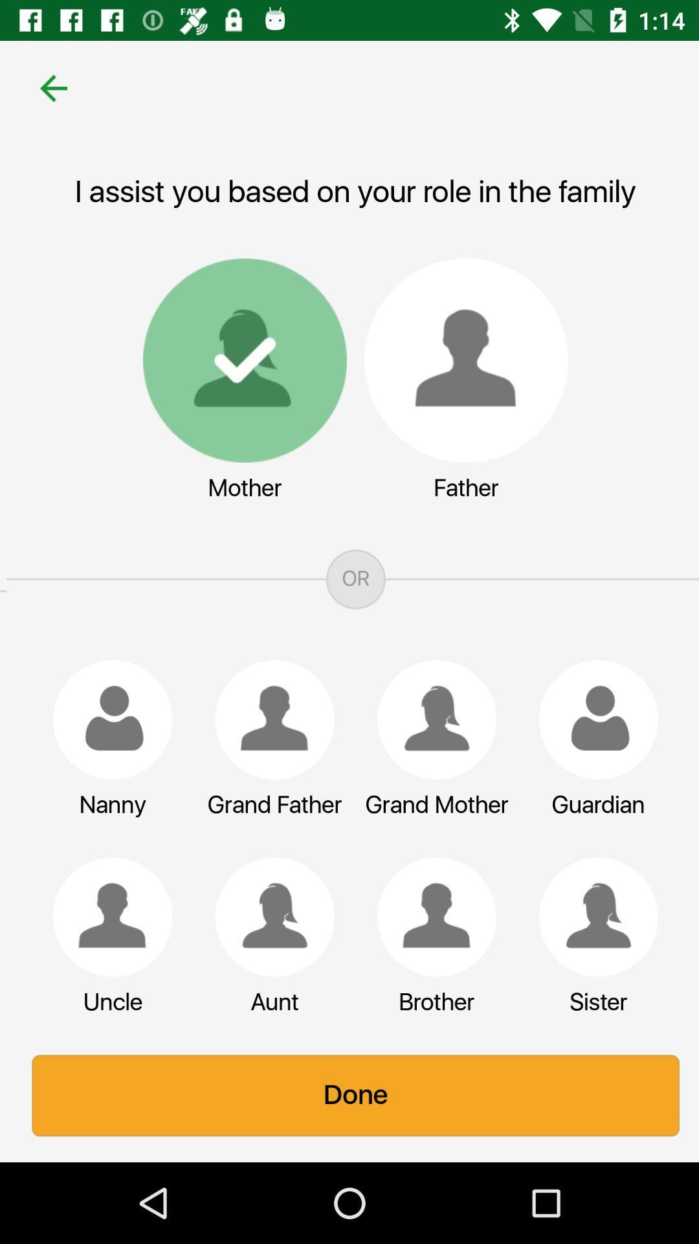  Describe the element at coordinates (268, 916) in the screenshot. I see `the icon below grand father icon` at that location.